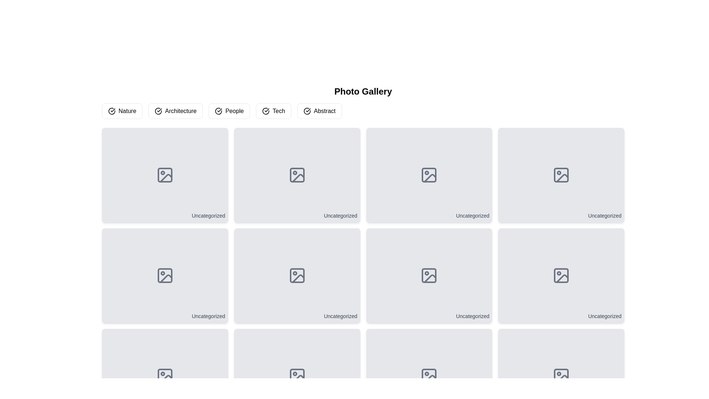  I want to click on the circular icon with a checkmark, which is located to the left of the 'Architecture' label within a button-like structure, so click(158, 111).